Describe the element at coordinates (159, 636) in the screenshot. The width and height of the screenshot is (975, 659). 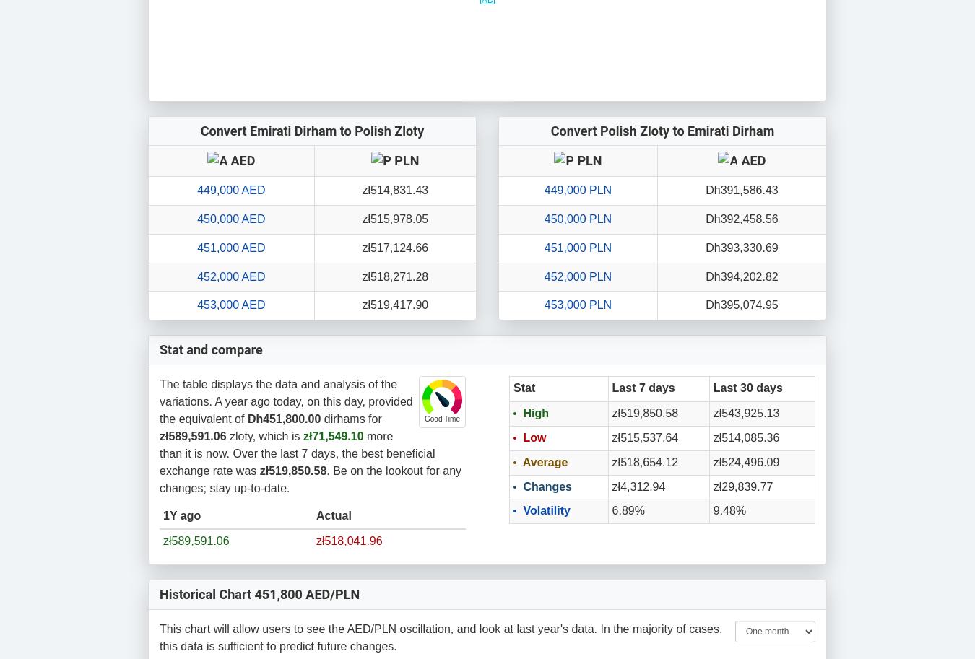
I see `'This chart will allow users to see the AED/PLN oscillation, and look at last year's data. In the majority of cases, this data is sufficient to predict future changes.'` at that location.